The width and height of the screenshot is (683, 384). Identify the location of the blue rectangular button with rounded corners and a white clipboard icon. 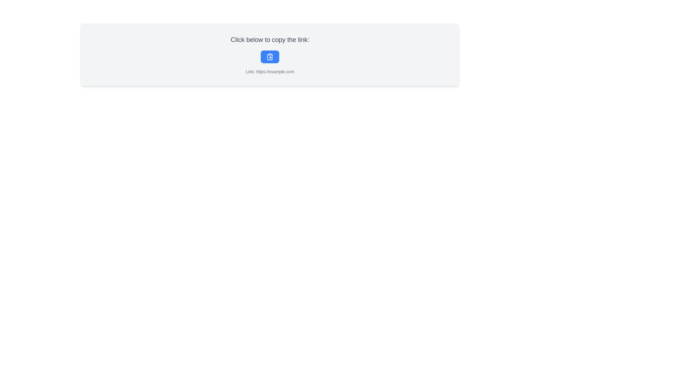
(269, 56).